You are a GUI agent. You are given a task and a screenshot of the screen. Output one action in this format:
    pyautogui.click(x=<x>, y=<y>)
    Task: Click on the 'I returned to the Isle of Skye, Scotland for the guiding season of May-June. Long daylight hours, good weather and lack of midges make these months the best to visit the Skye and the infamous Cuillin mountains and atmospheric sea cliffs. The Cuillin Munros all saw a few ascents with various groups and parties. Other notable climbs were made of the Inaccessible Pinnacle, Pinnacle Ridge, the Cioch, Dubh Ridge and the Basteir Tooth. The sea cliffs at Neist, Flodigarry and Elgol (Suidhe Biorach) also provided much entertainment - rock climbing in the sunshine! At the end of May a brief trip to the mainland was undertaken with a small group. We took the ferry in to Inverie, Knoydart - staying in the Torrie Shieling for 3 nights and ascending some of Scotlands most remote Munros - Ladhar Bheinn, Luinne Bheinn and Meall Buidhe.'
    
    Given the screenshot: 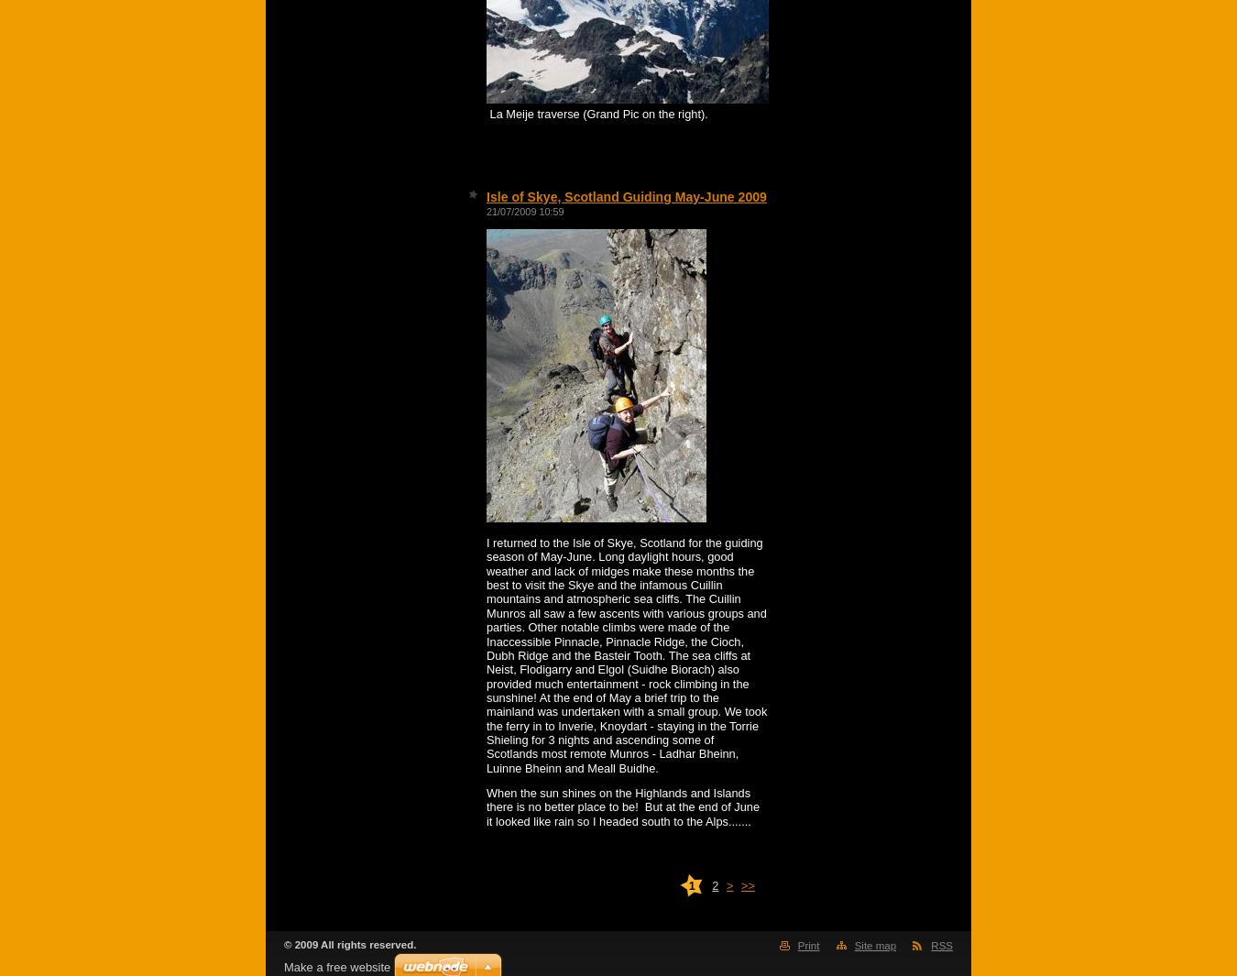 What is the action you would take?
    pyautogui.click(x=626, y=655)
    